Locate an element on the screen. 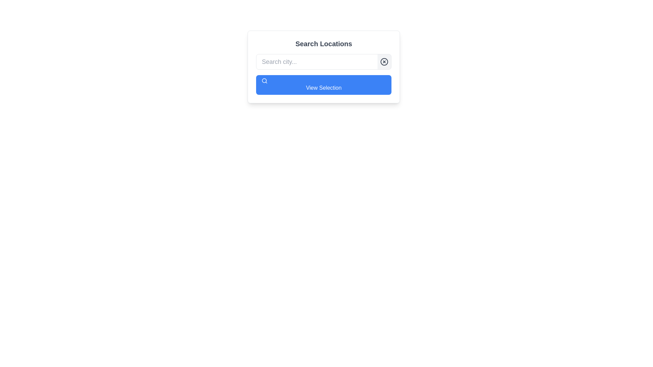  the central circular icon with a cross inside, located to the right of the 'Search city...' input field and above the 'View Selection' blue button is located at coordinates (384, 62).